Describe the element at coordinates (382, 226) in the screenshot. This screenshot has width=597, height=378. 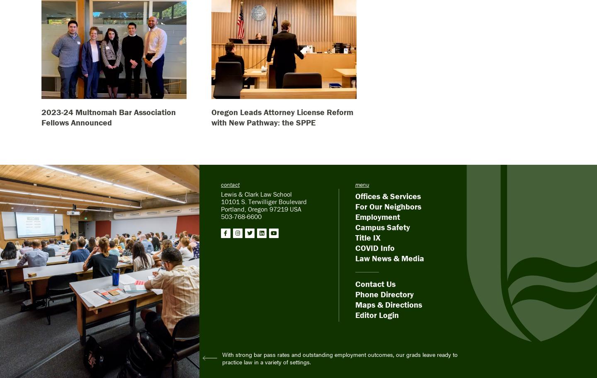
I see `'Campus Safety'` at that location.